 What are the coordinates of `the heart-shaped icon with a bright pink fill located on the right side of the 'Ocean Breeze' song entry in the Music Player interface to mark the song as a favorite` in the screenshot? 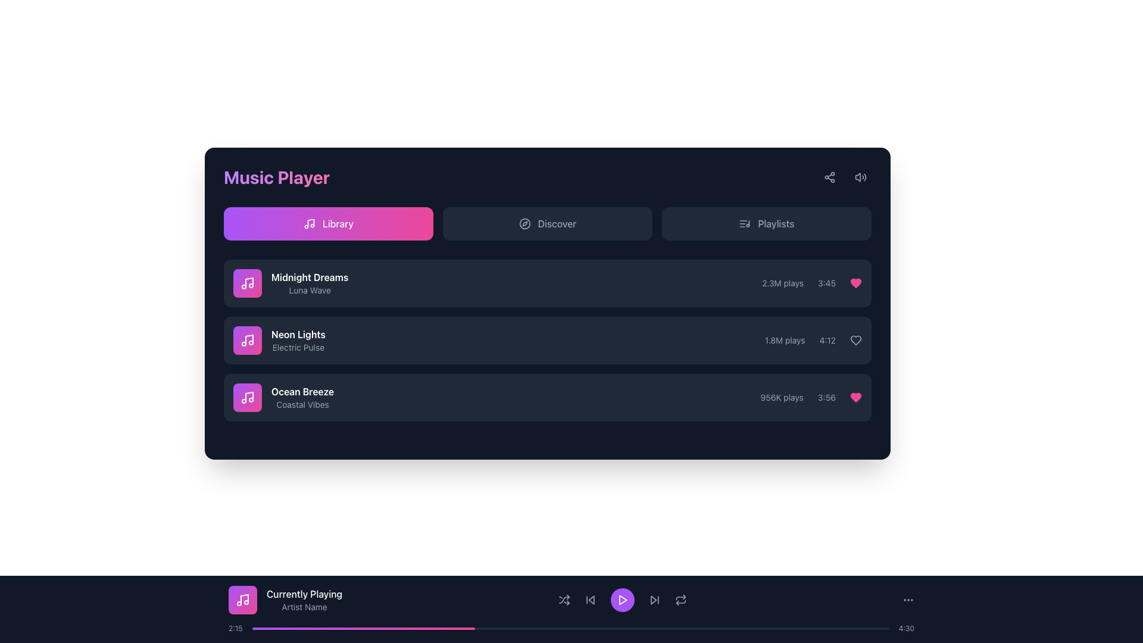 It's located at (855, 397).